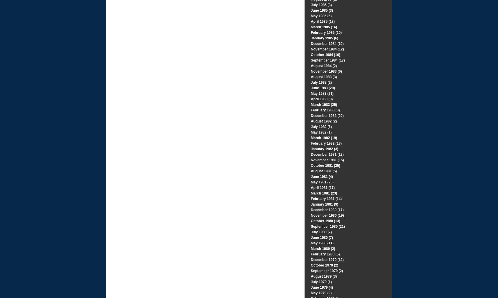 The width and height of the screenshot is (498, 298). I want to click on 'August 1983 (3)', so click(324, 77).